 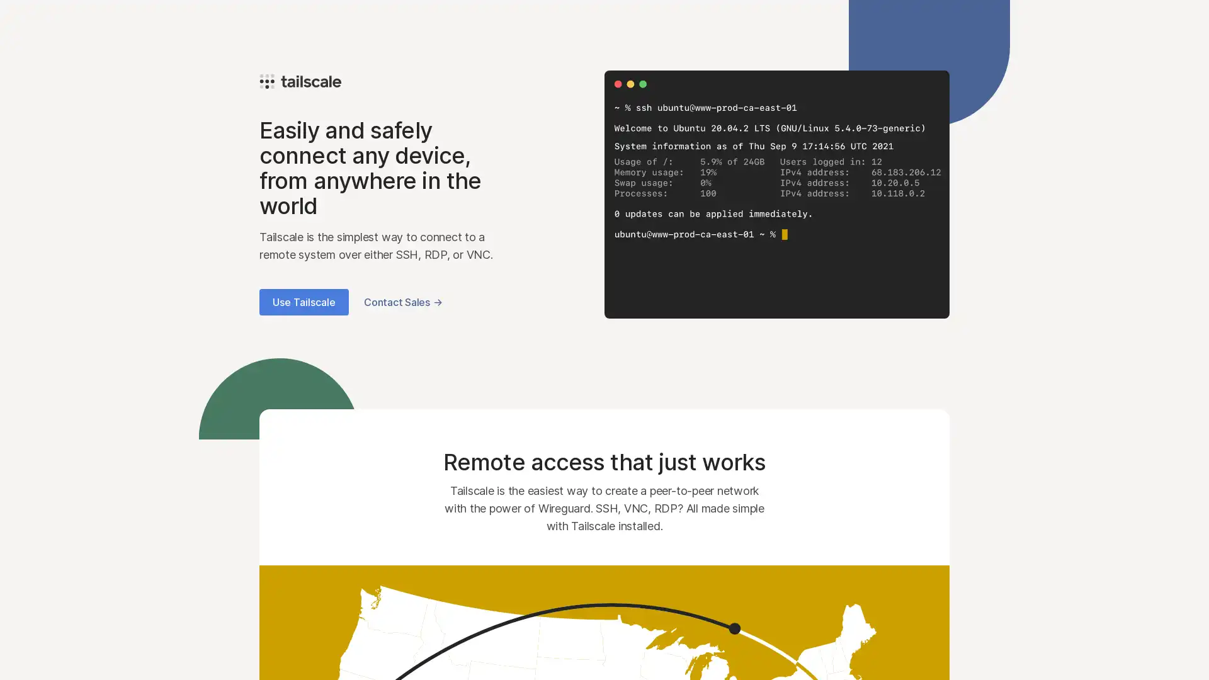 What do you see at coordinates (304, 302) in the screenshot?
I see `Use Tailscale` at bounding box center [304, 302].